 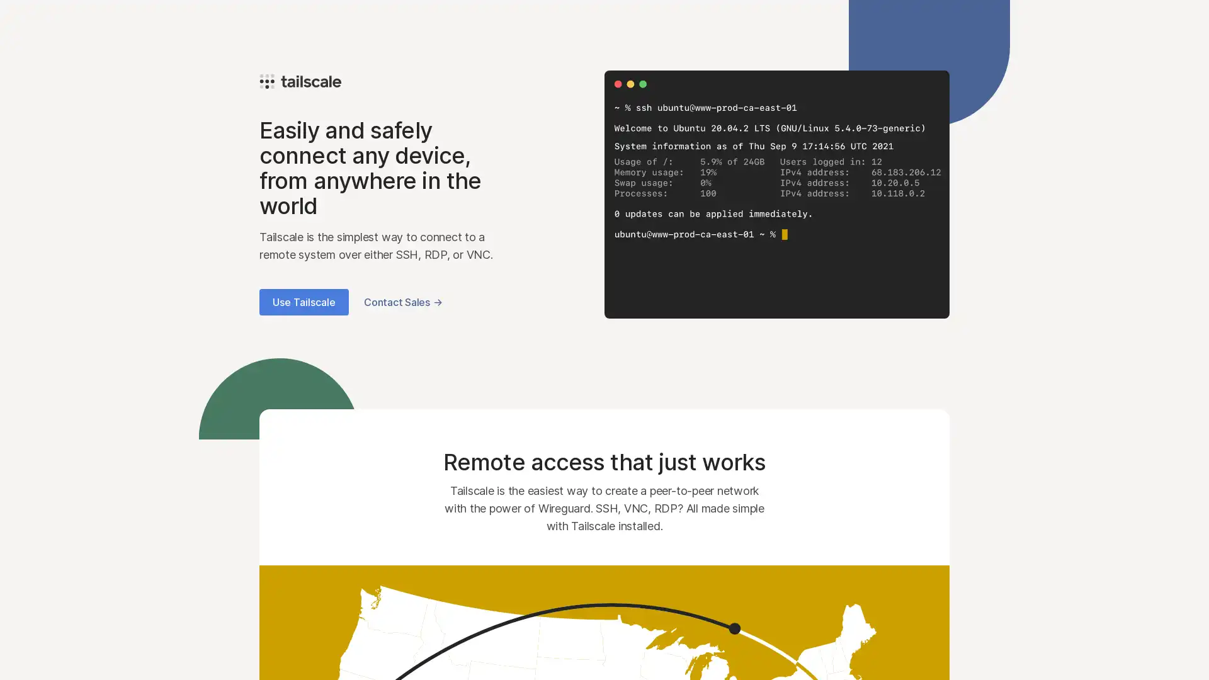 What do you see at coordinates (304, 302) in the screenshot?
I see `Use Tailscale` at bounding box center [304, 302].